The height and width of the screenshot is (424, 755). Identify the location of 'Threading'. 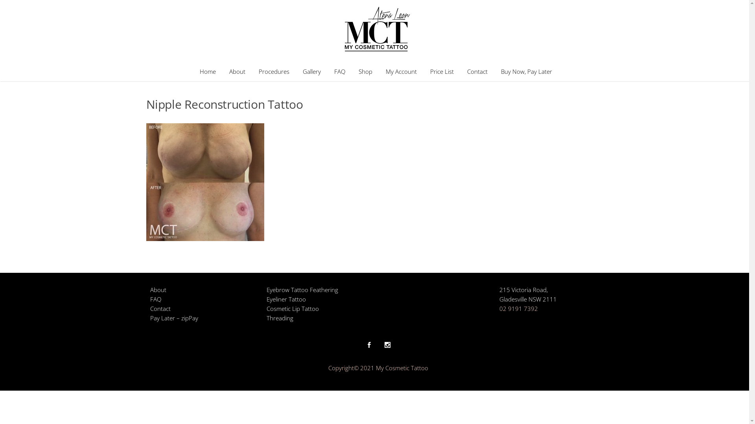
(280, 318).